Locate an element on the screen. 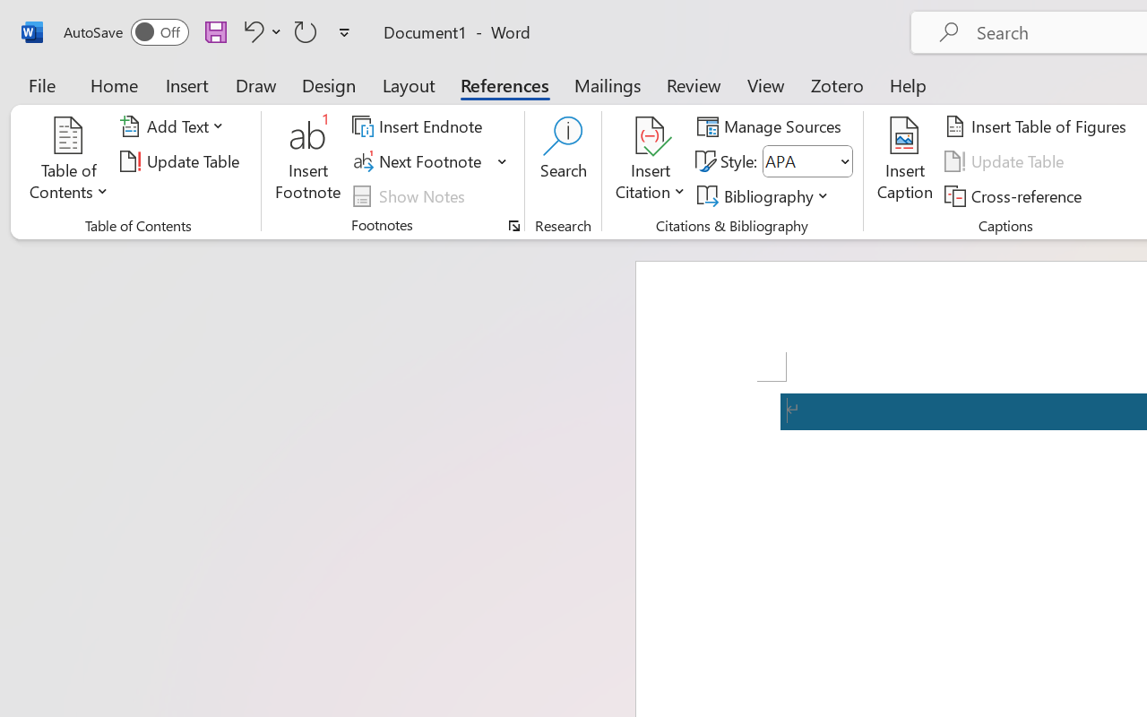  'Insert Footnote' is located at coordinates (308, 160).